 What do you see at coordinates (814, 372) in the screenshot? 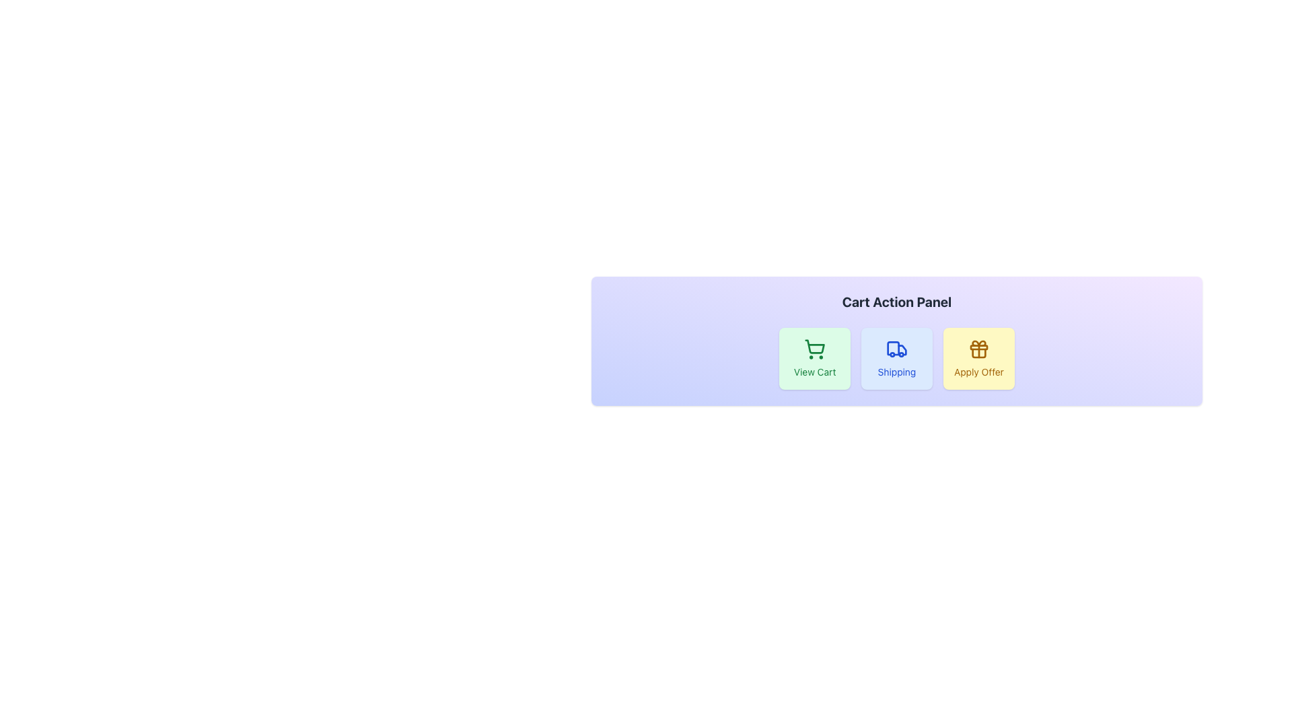
I see `the green 'View Cart' text label located within the 'View Cart' button, positioned below the shopping cart icon and part of the button group under the 'Cart Action Panel'` at bounding box center [814, 372].